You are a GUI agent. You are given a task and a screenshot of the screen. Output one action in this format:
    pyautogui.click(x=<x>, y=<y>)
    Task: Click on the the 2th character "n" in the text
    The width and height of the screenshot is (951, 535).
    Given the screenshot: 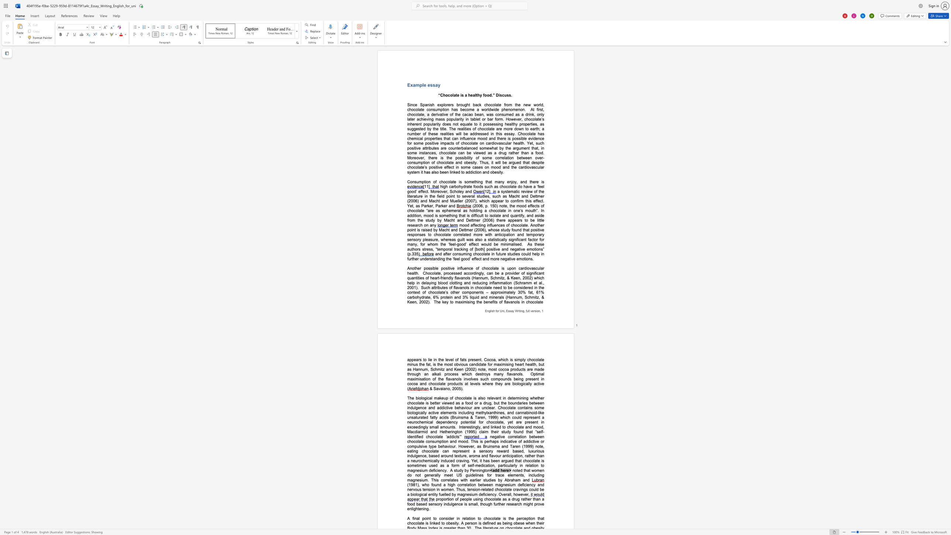 What is the action you would take?
    pyautogui.click(x=453, y=196)
    